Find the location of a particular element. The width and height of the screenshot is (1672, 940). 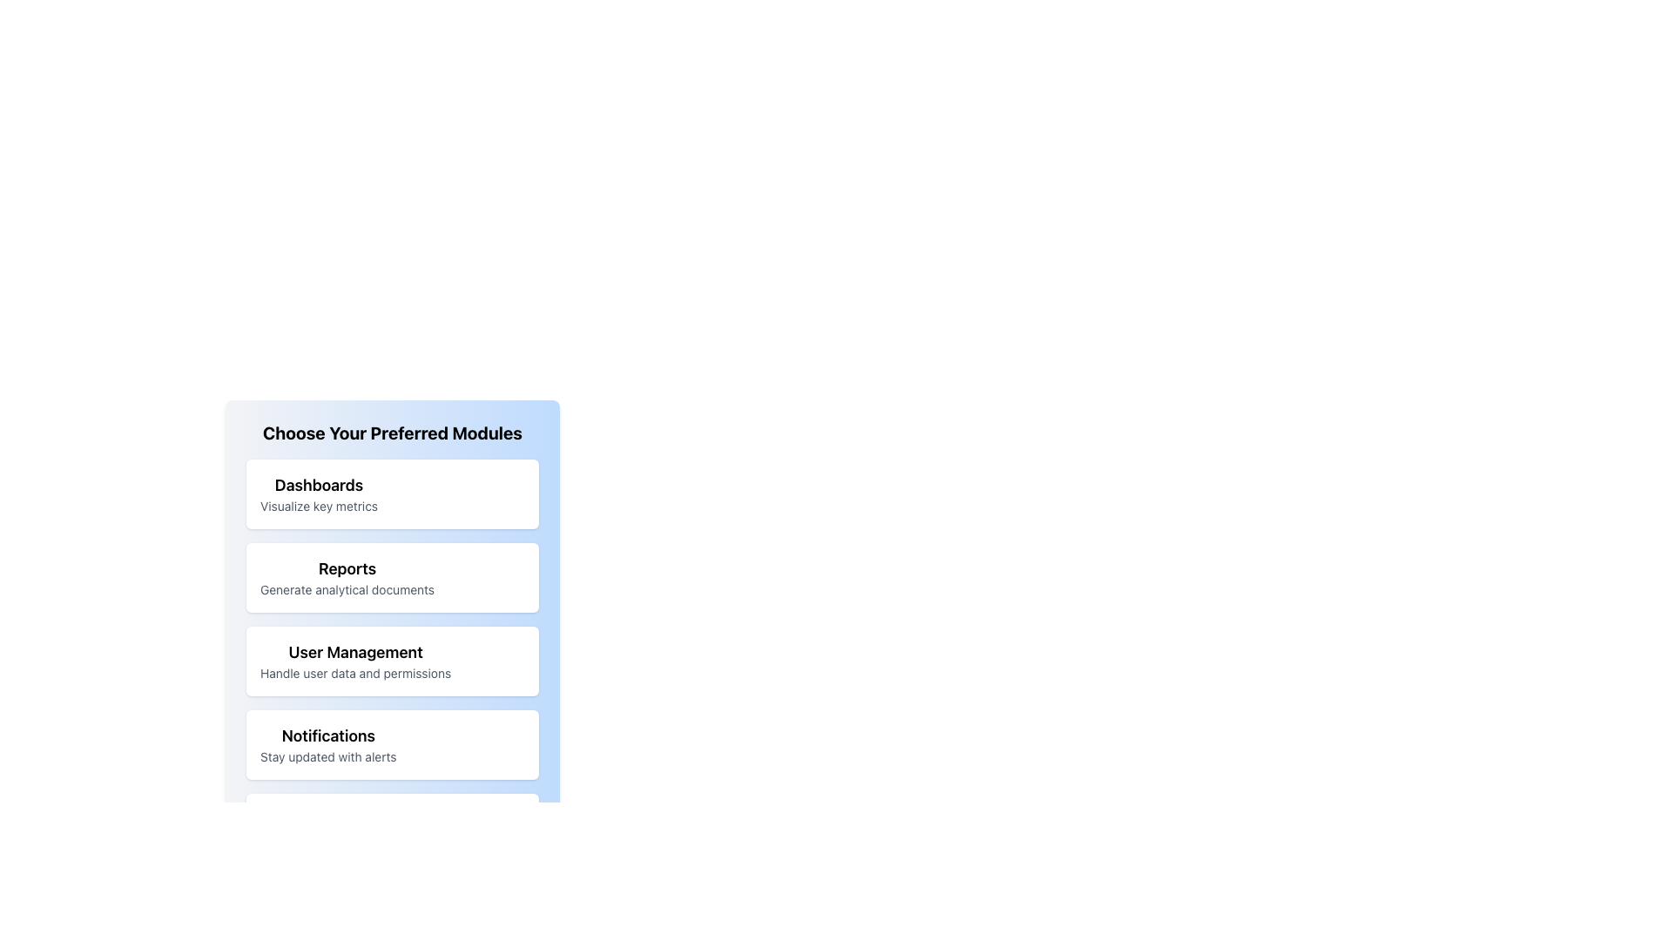

the selectable menu item for user management, which is the third item in the menu, located between 'Reports' and 'Notifications' is located at coordinates (392, 661).